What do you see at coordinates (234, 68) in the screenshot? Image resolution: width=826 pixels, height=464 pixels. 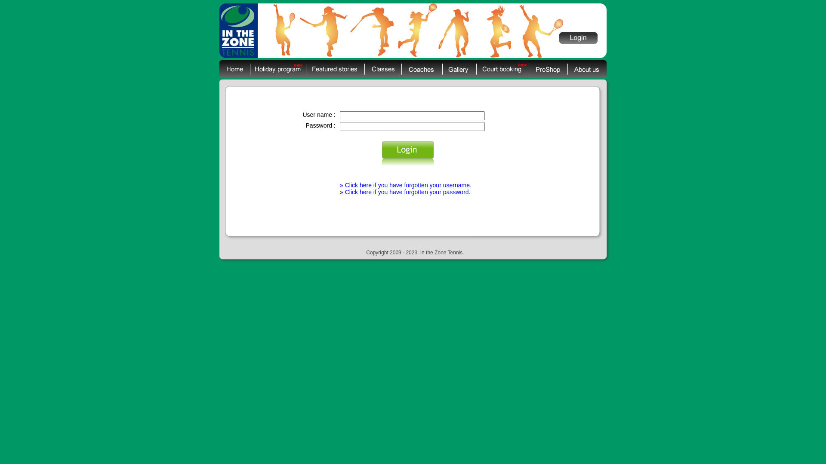 I see `'Home'` at bounding box center [234, 68].